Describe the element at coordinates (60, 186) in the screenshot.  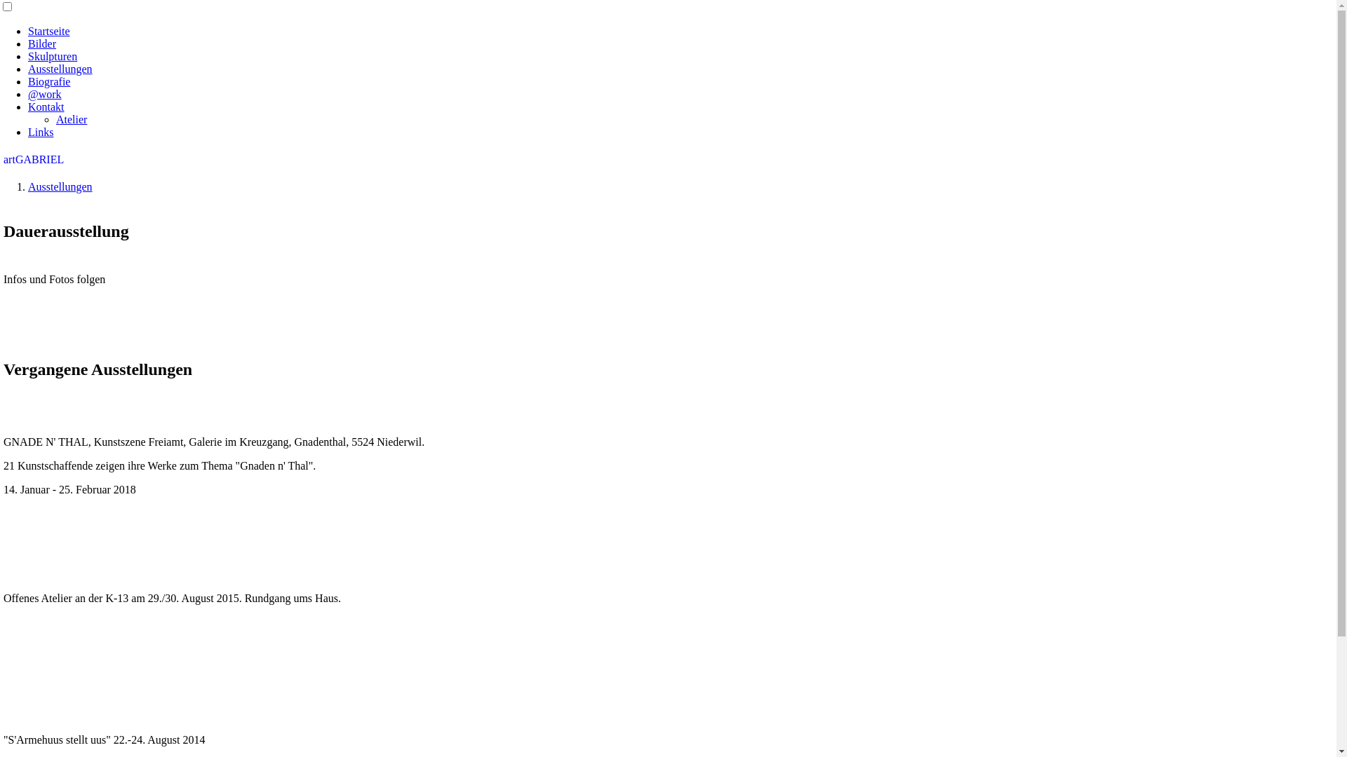
I see `'Ausstellungen'` at that location.